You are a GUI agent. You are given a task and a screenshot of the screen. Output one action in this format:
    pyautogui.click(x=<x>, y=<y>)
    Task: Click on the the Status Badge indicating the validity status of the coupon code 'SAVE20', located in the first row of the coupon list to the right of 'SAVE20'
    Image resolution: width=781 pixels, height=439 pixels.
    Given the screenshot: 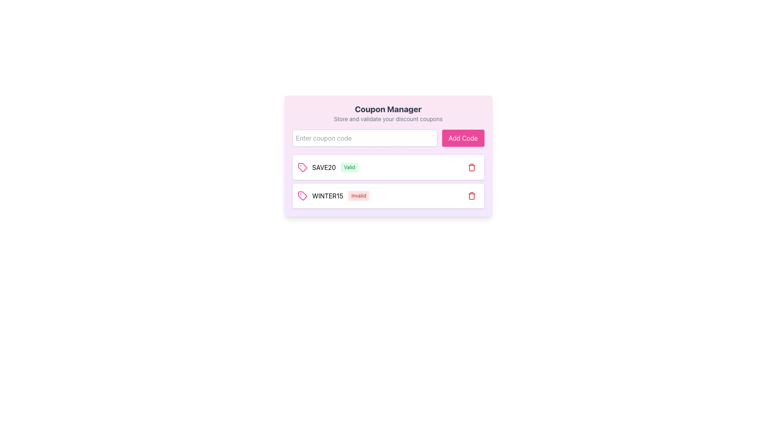 What is the action you would take?
    pyautogui.click(x=349, y=167)
    